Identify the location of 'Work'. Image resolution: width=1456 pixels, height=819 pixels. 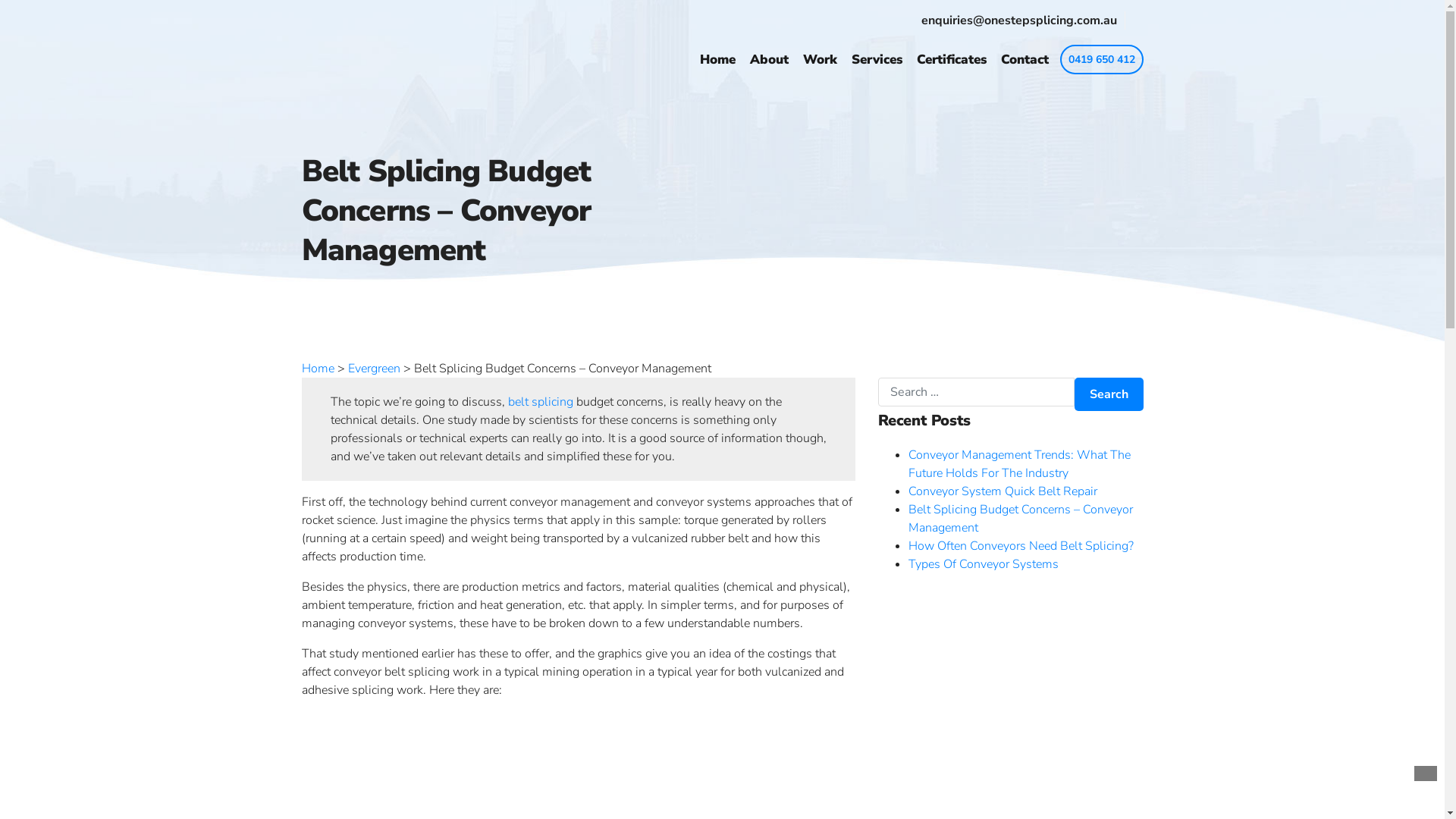
(801, 58).